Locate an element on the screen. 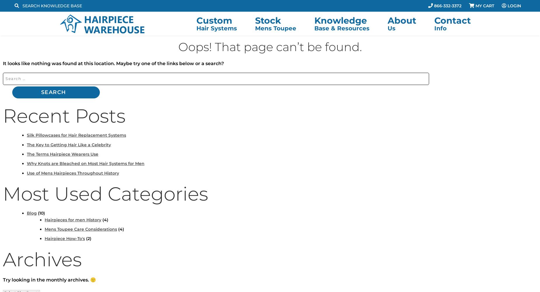 This screenshot has width=540, height=292. 'Stock' is located at coordinates (268, 20).